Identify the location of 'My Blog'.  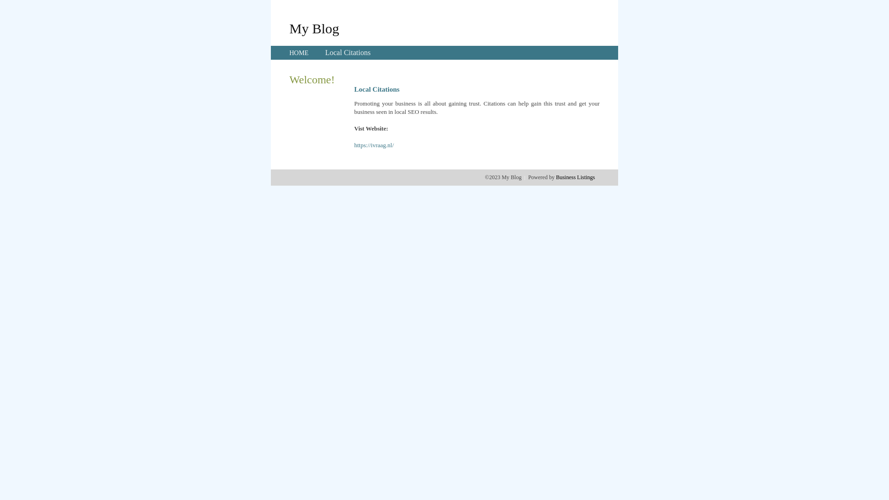
(314, 28).